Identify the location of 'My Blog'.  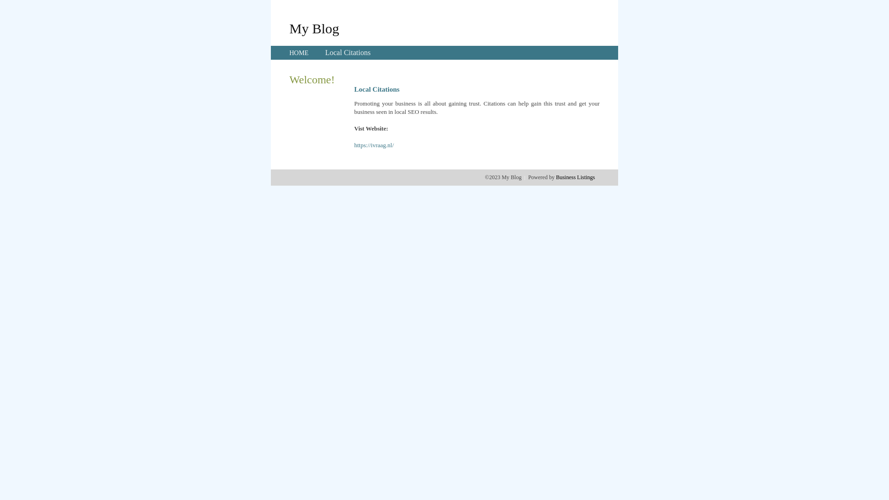
(314, 28).